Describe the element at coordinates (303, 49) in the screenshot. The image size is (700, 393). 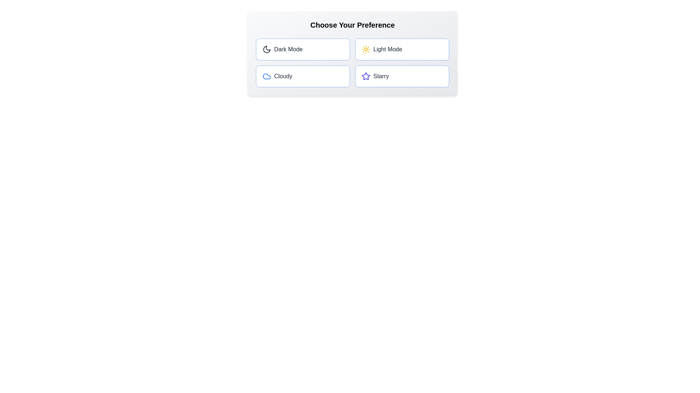
I see `the toggle button located at the top-left corner of the grid layout` at that location.